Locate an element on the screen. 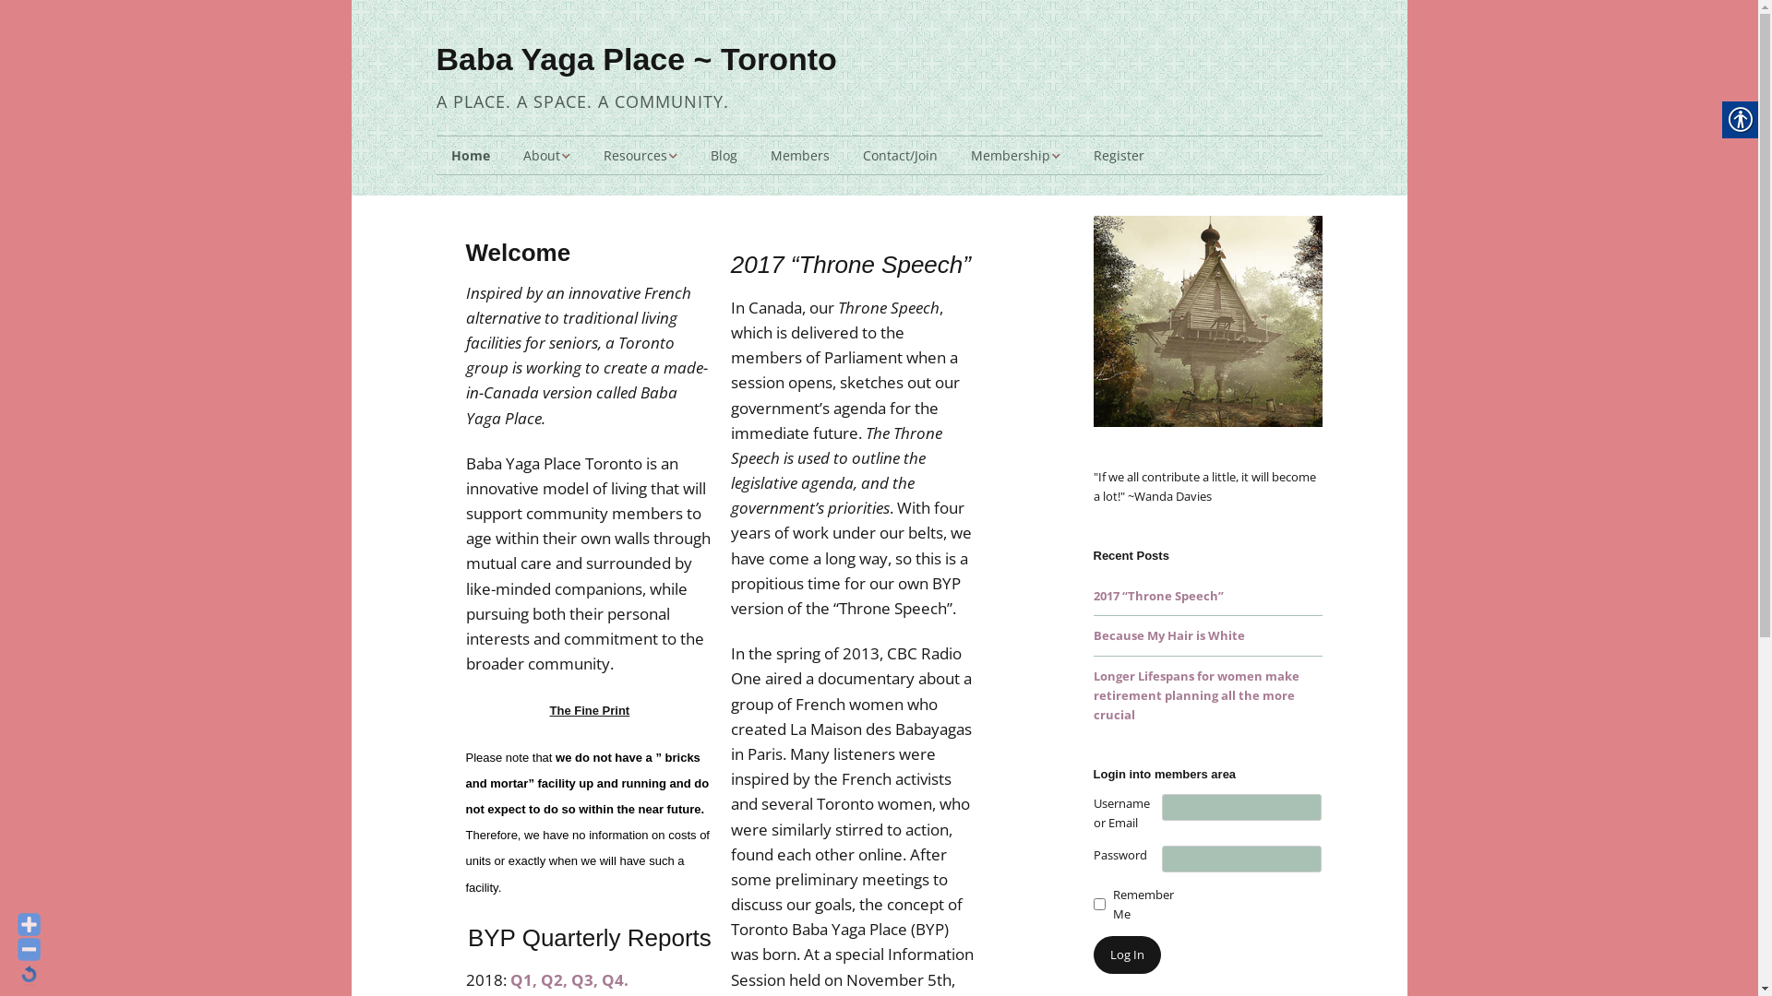  'Because My Hair is White' is located at coordinates (1167, 634).